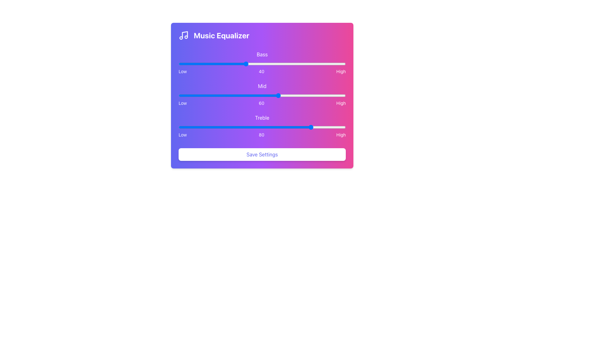  I want to click on the treble level, so click(181, 127).